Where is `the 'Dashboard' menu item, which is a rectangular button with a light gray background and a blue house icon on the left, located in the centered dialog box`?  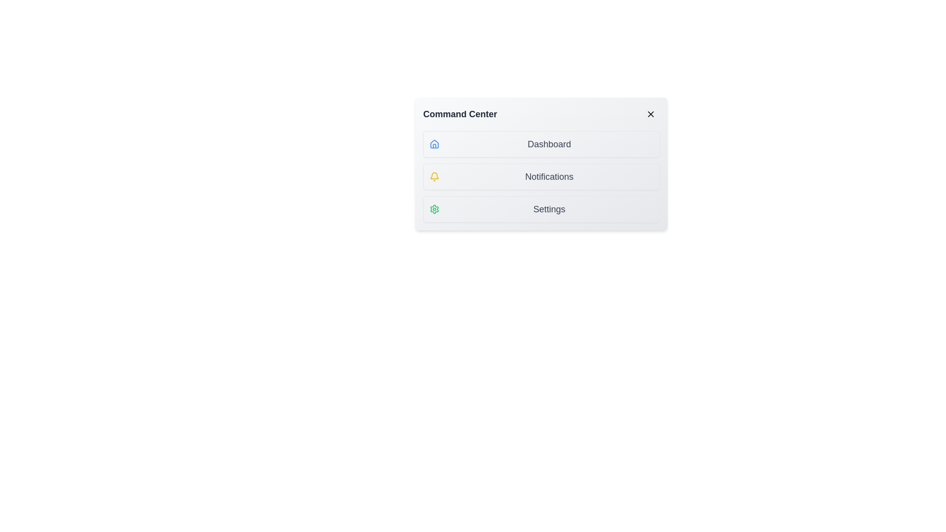
the 'Dashboard' menu item, which is a rectangular button with a light gray background and a blue house icon on the left, located in the centered dialog box is located at coordinates (541, 144).